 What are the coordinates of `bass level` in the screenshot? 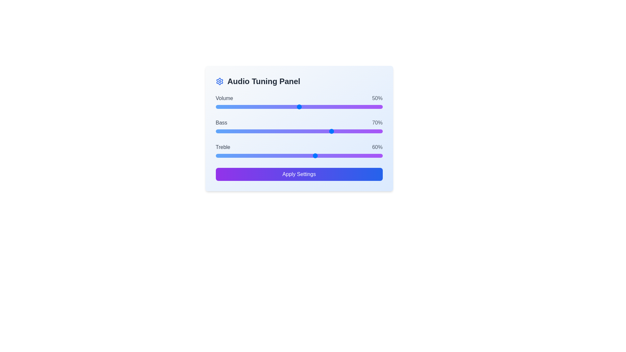 It's located at (279, 131).